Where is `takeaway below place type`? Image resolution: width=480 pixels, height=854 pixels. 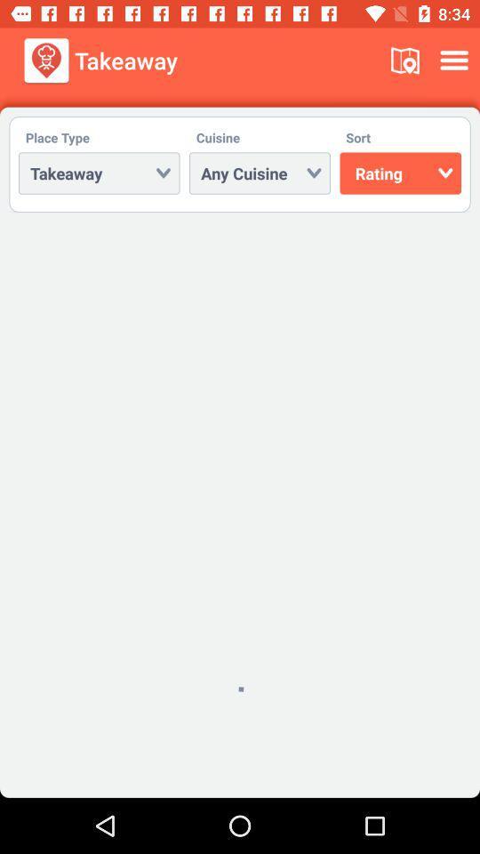 takeaway below place type is located at coordinates (99, 173).